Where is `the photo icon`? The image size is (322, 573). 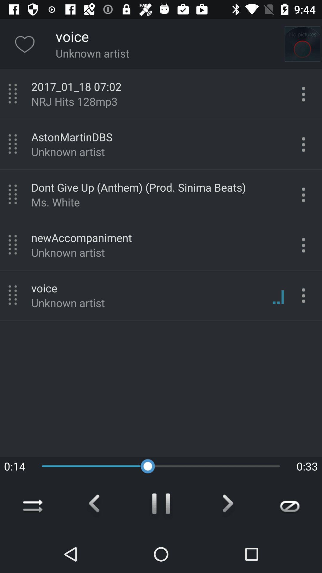 the photo icon is located at coordinates (300, 40).